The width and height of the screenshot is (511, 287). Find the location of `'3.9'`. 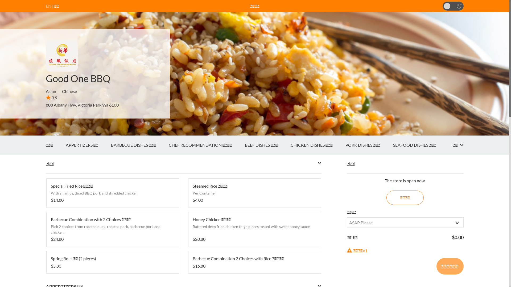

'3.9' is located at coordinates (51, 98).